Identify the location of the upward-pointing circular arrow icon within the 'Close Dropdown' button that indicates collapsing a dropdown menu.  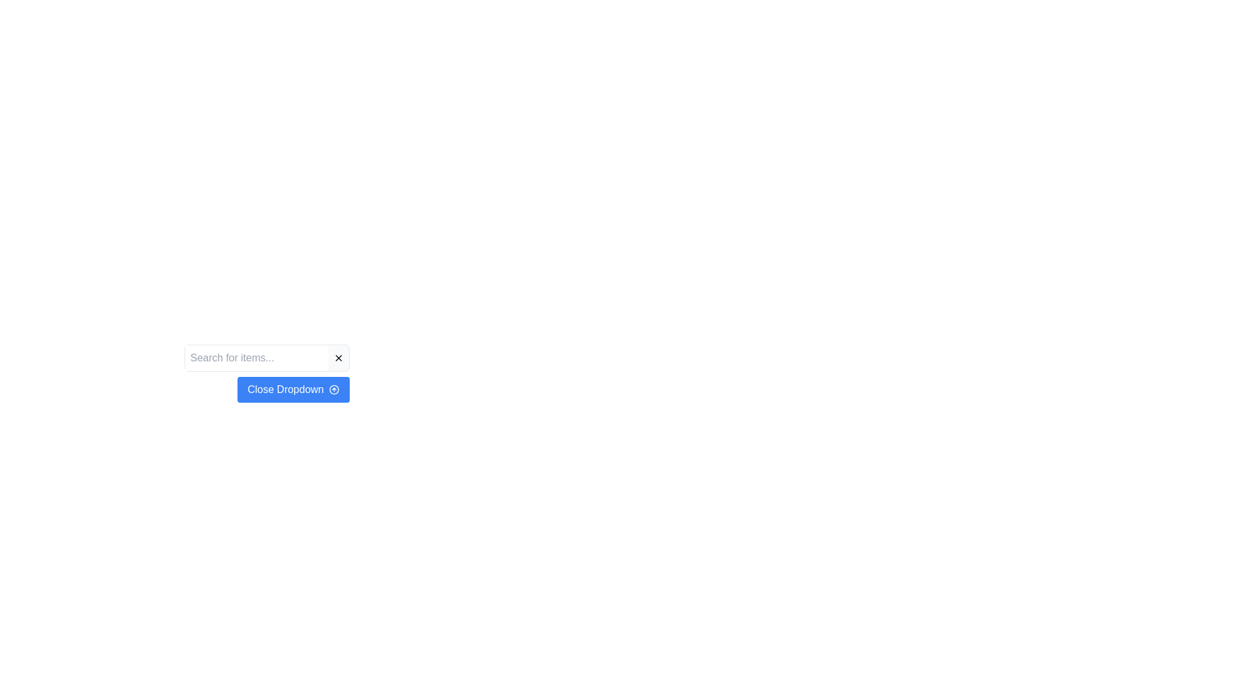
(334, 389).